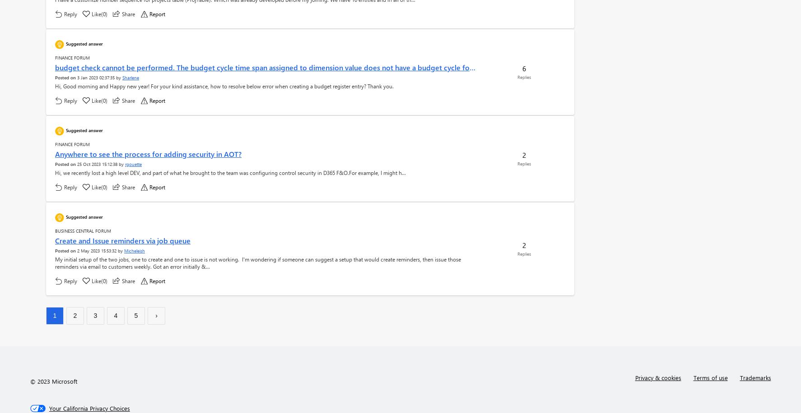  I want to click on '1', so click(54, 315).